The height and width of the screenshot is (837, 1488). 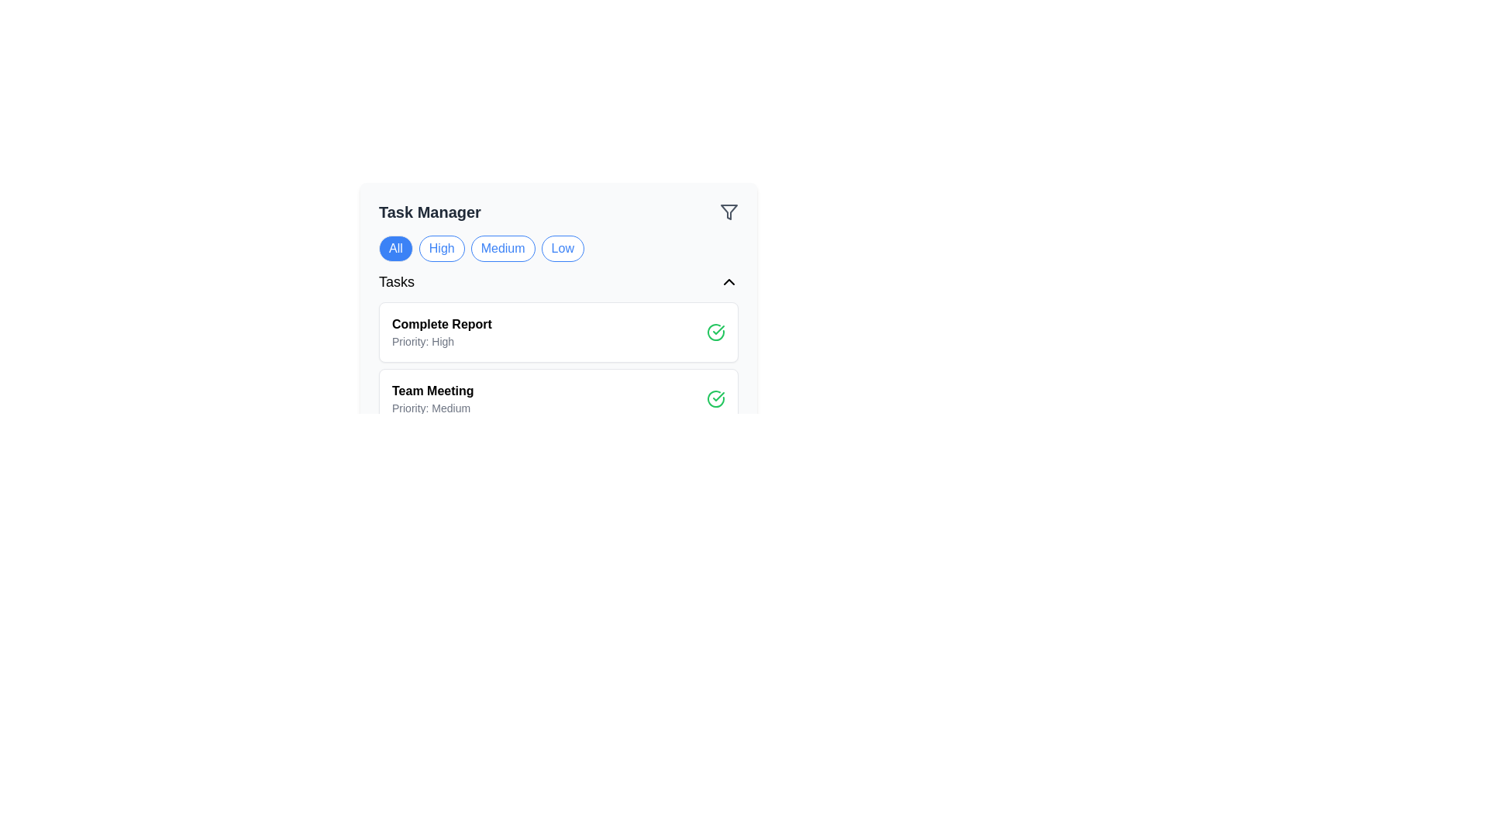 I want to click on the text label that reads 'Priority: Medium', which is styled with a small font size and muted gray color, located below 'Team Meeting' in the 'Task Manager' interface, so click(x=432, y=408).